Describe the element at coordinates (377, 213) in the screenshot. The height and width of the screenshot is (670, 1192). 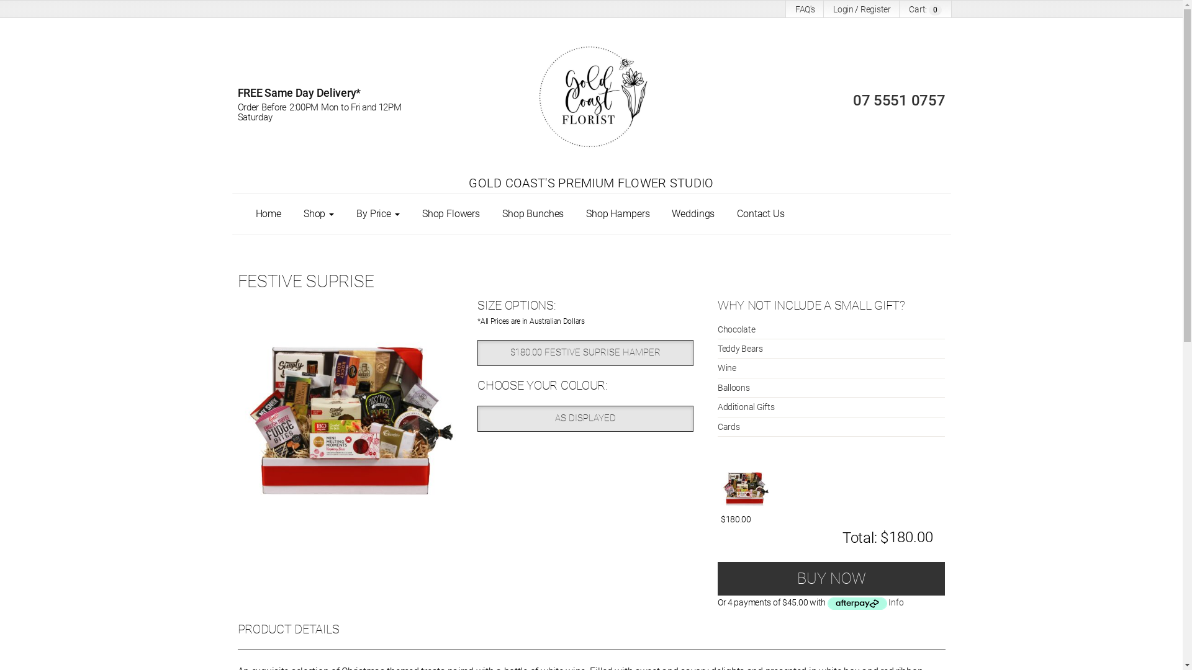
I see `'By Price'` at that location.